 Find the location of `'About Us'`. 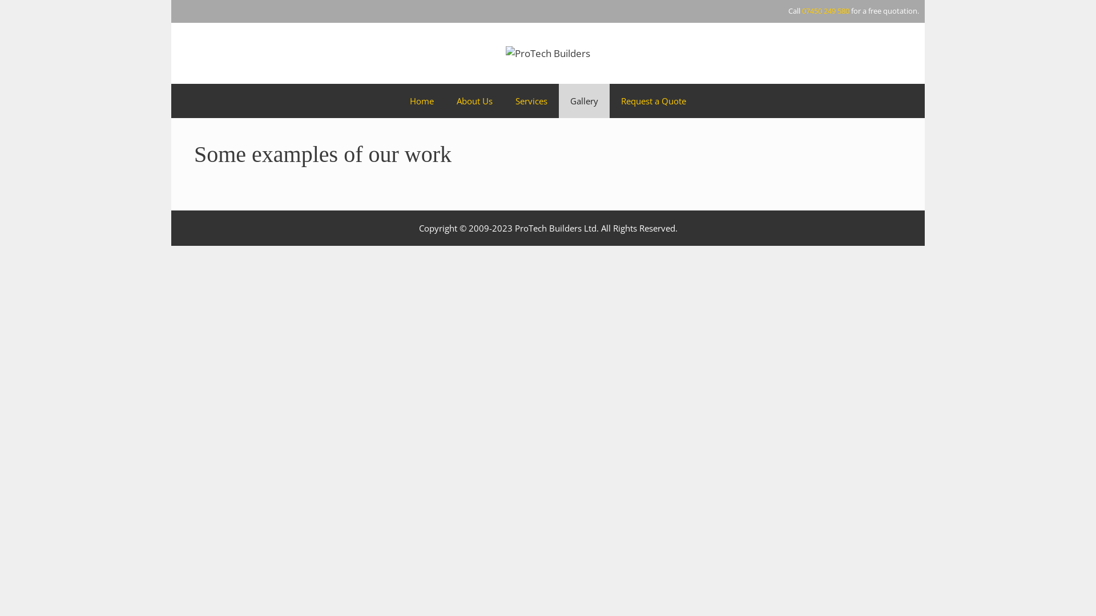

'About Us' is located at coordinates (474, 100).